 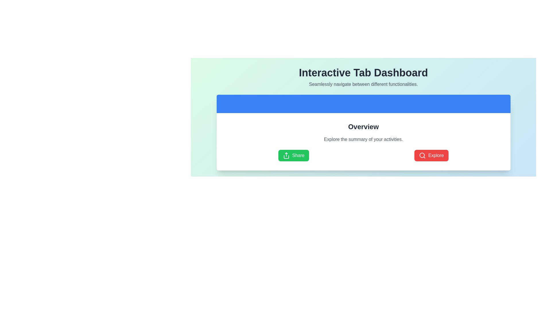 What do you see at coordinates (363, 77) in the screenshot?
I see `the text block header and subtitle that displays 'Interactive Tab Dashboard' and 'Seamlessly navigate between different functionalities.'` at bounding box center [363, 77].